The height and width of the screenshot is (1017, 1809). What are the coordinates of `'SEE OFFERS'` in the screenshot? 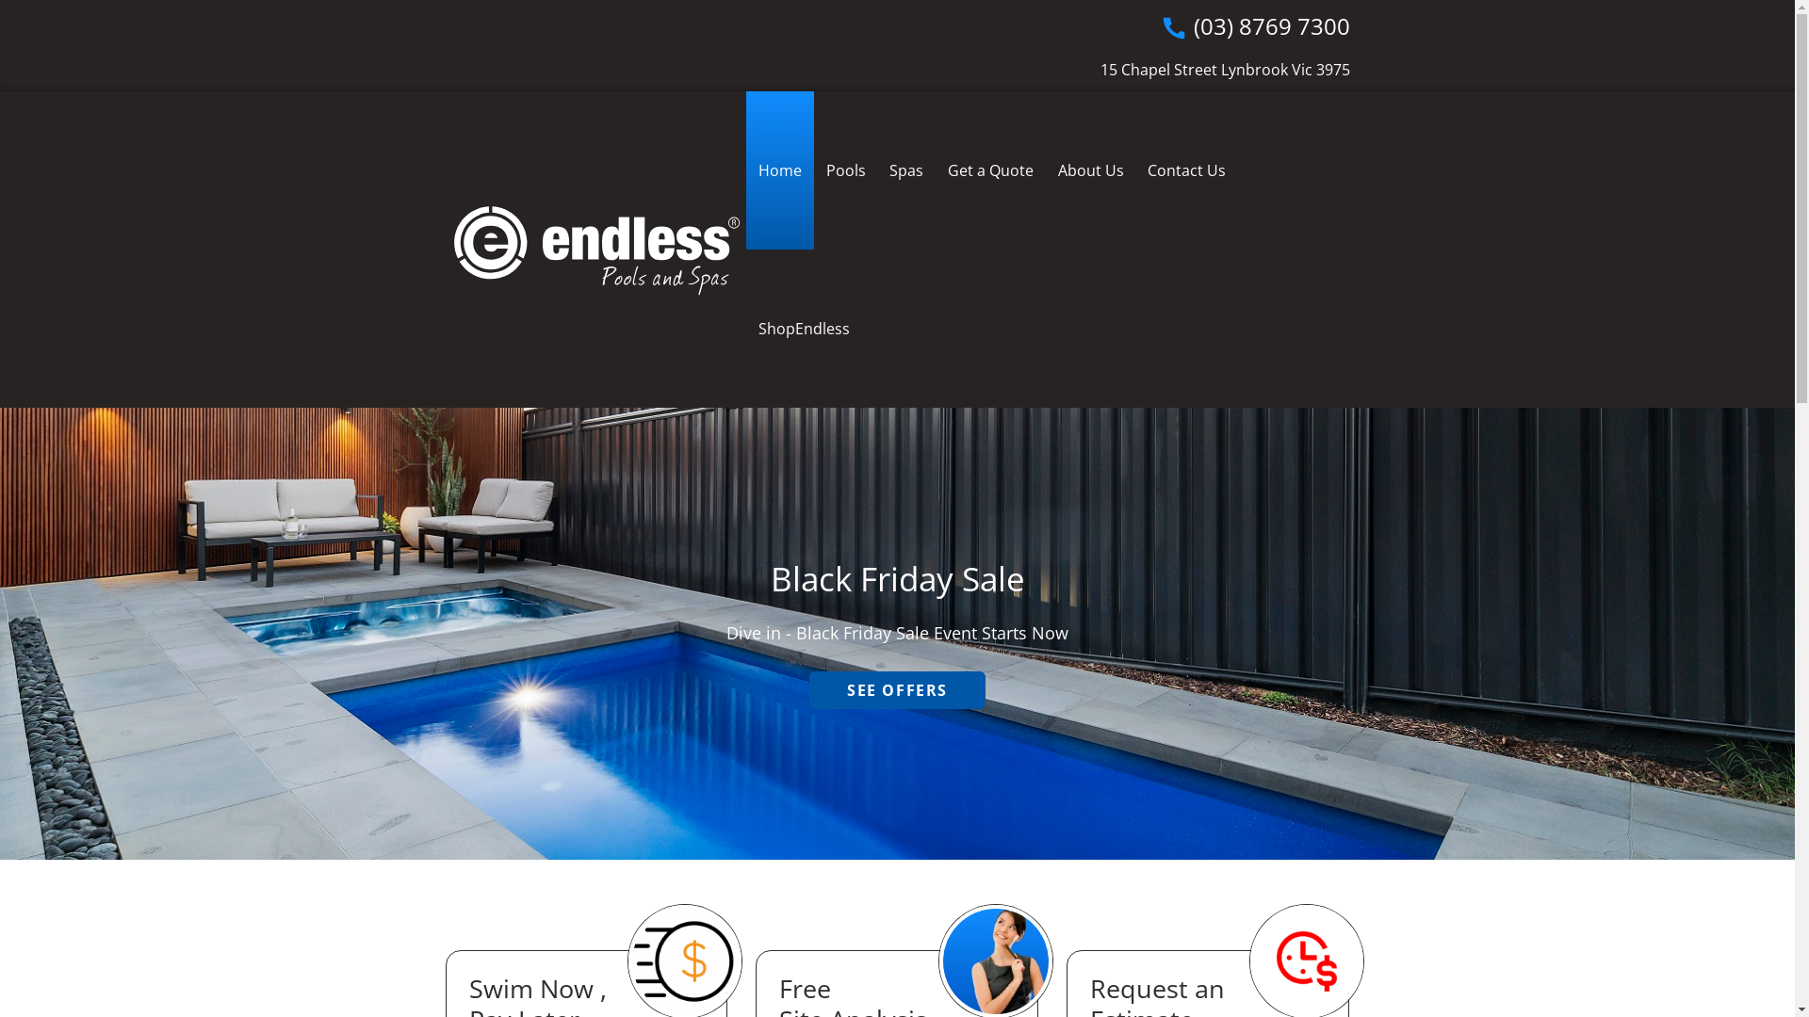 It's located at (896, 689).